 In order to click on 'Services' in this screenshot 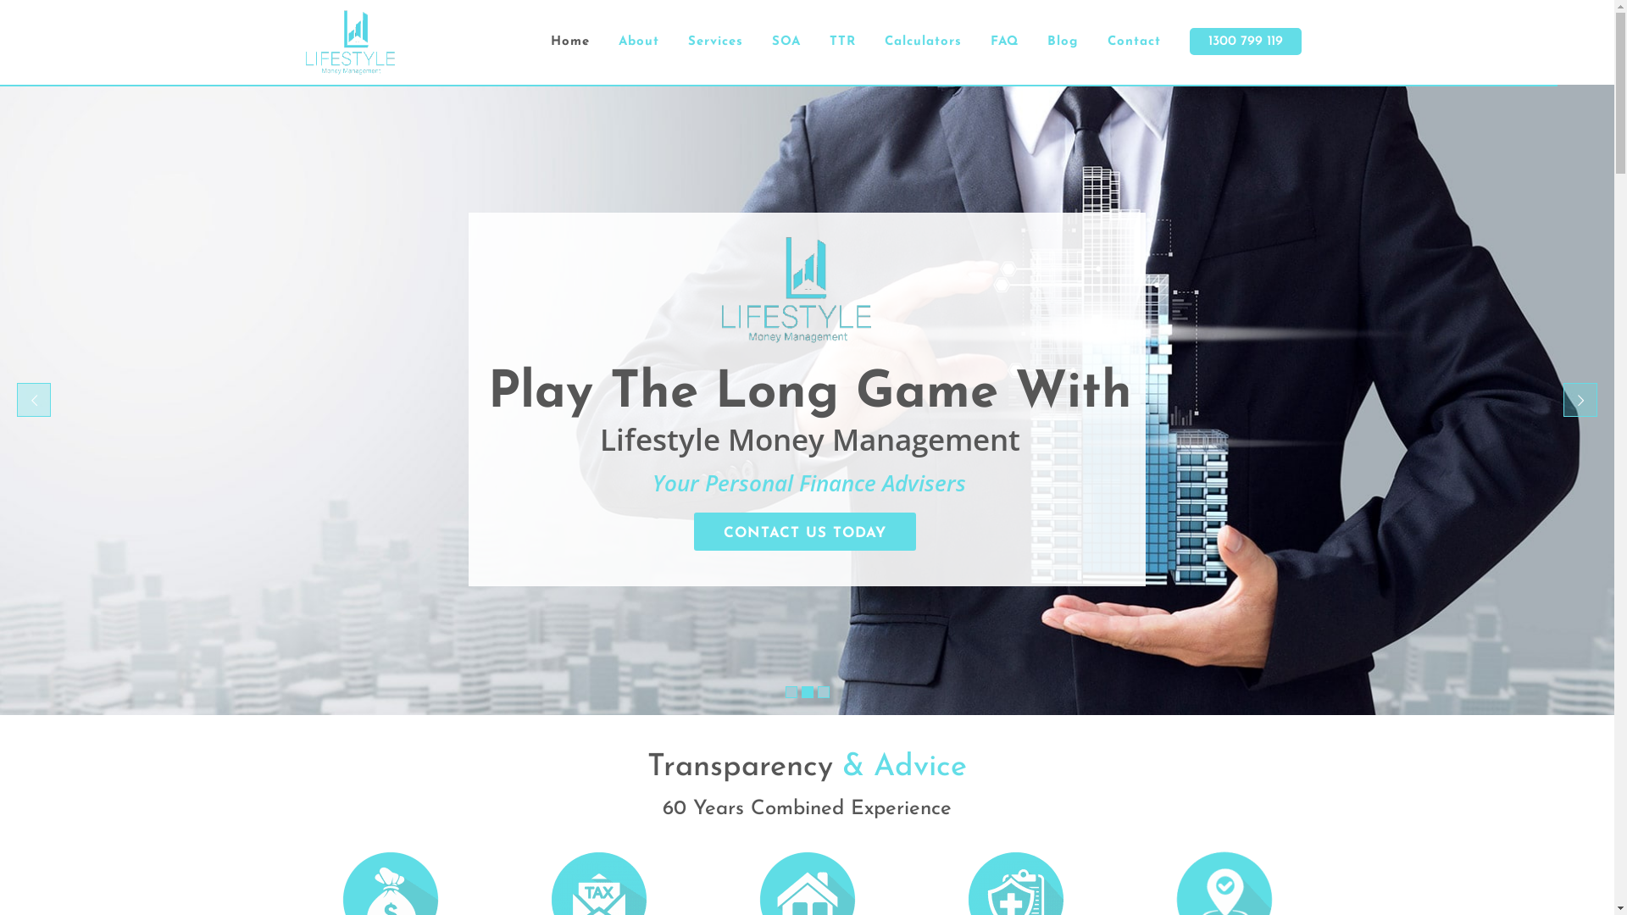, I will do `click(714, 42)`.